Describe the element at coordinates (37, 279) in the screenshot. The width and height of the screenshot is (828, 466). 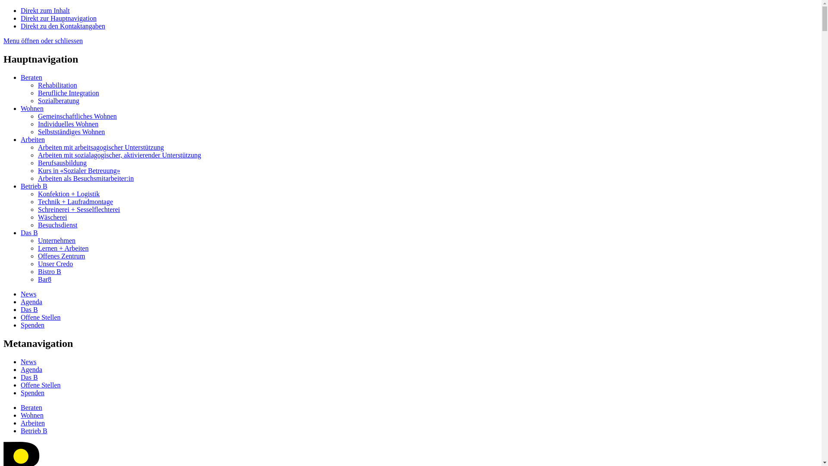
I see `'Bar8'` at that location.